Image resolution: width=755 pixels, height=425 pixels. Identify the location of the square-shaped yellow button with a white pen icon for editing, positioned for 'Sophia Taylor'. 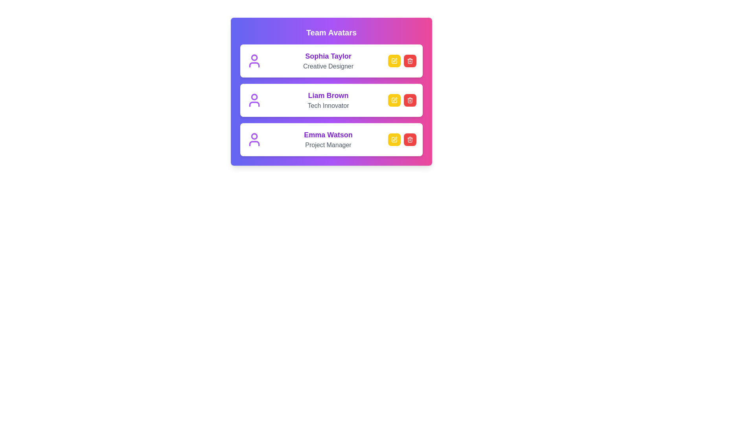
(394, 60).